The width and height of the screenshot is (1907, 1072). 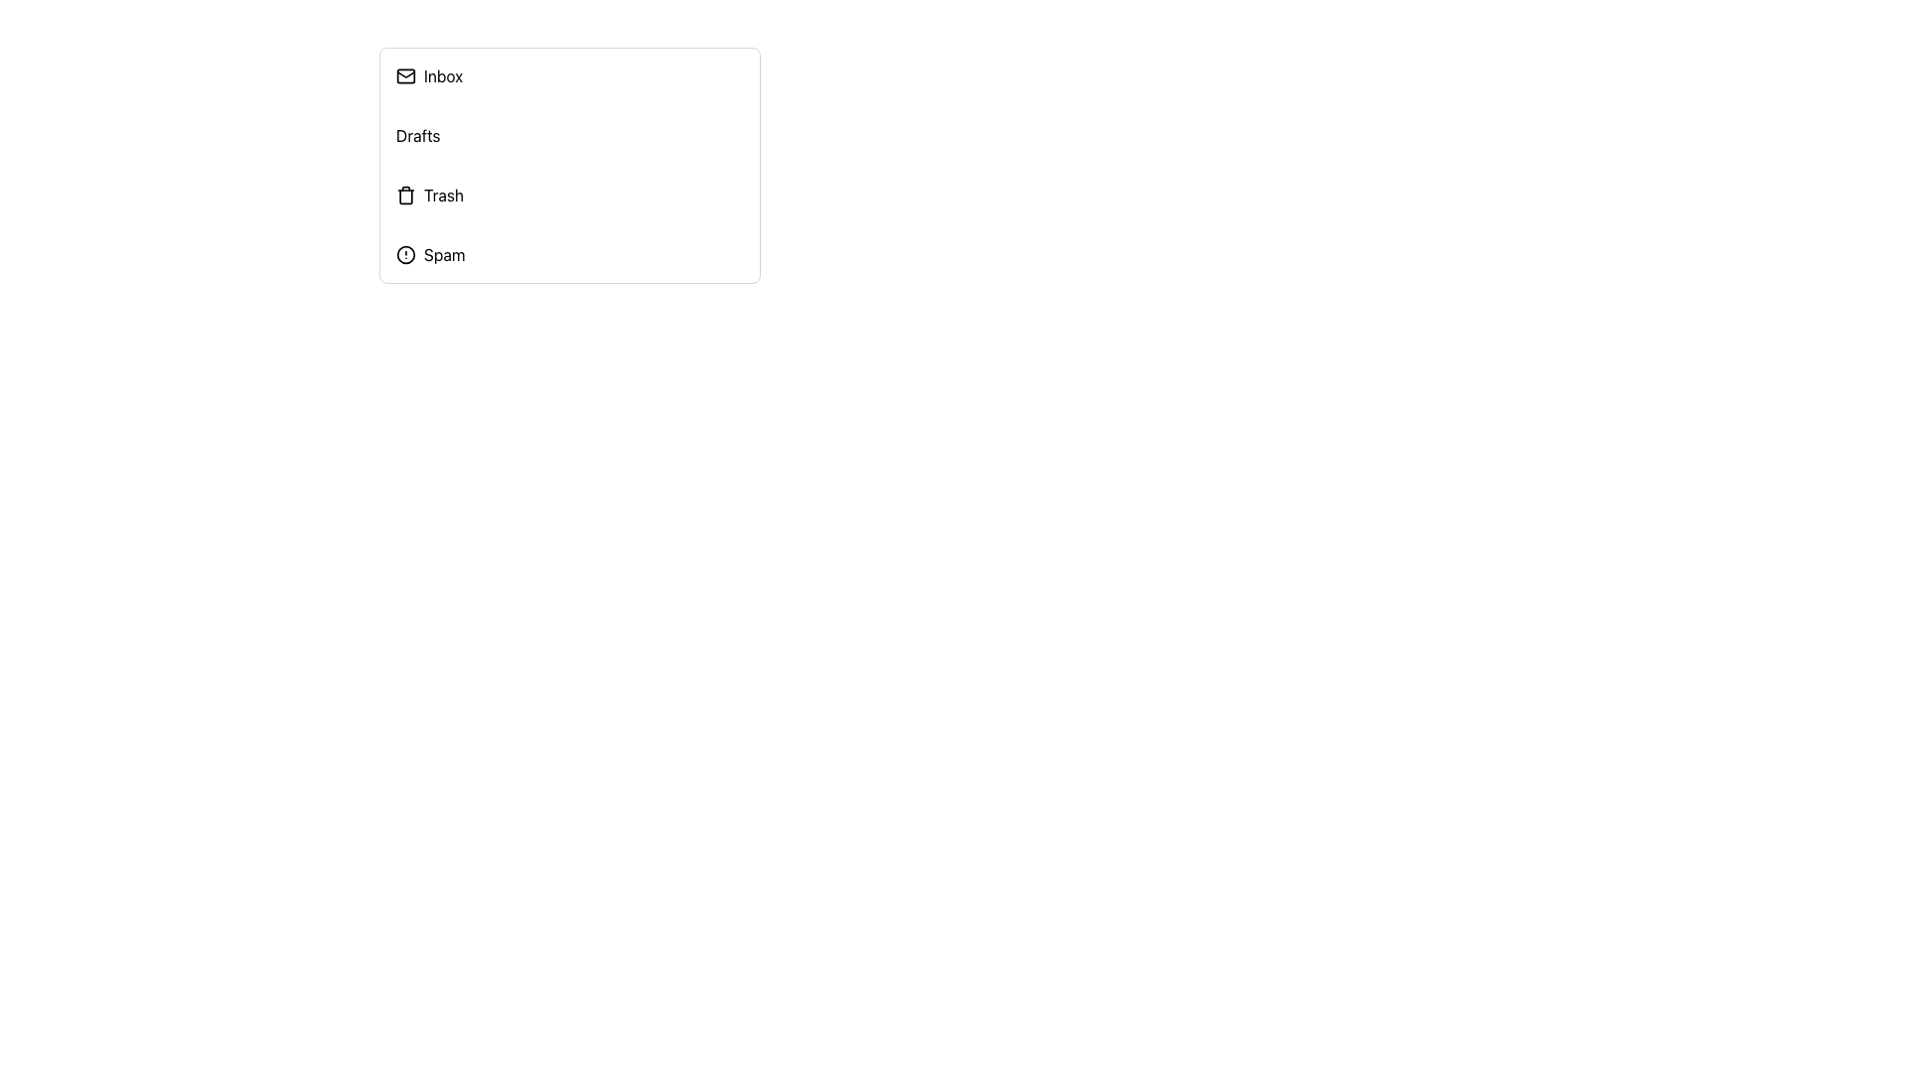 What do you see at coordinates (569, 195) in the screenshot?
I see `the third list item in the vertical navigation menu, located below 'Inbox' and 'Drafts' and above 'Spam'` at bounding box center [569, 195].